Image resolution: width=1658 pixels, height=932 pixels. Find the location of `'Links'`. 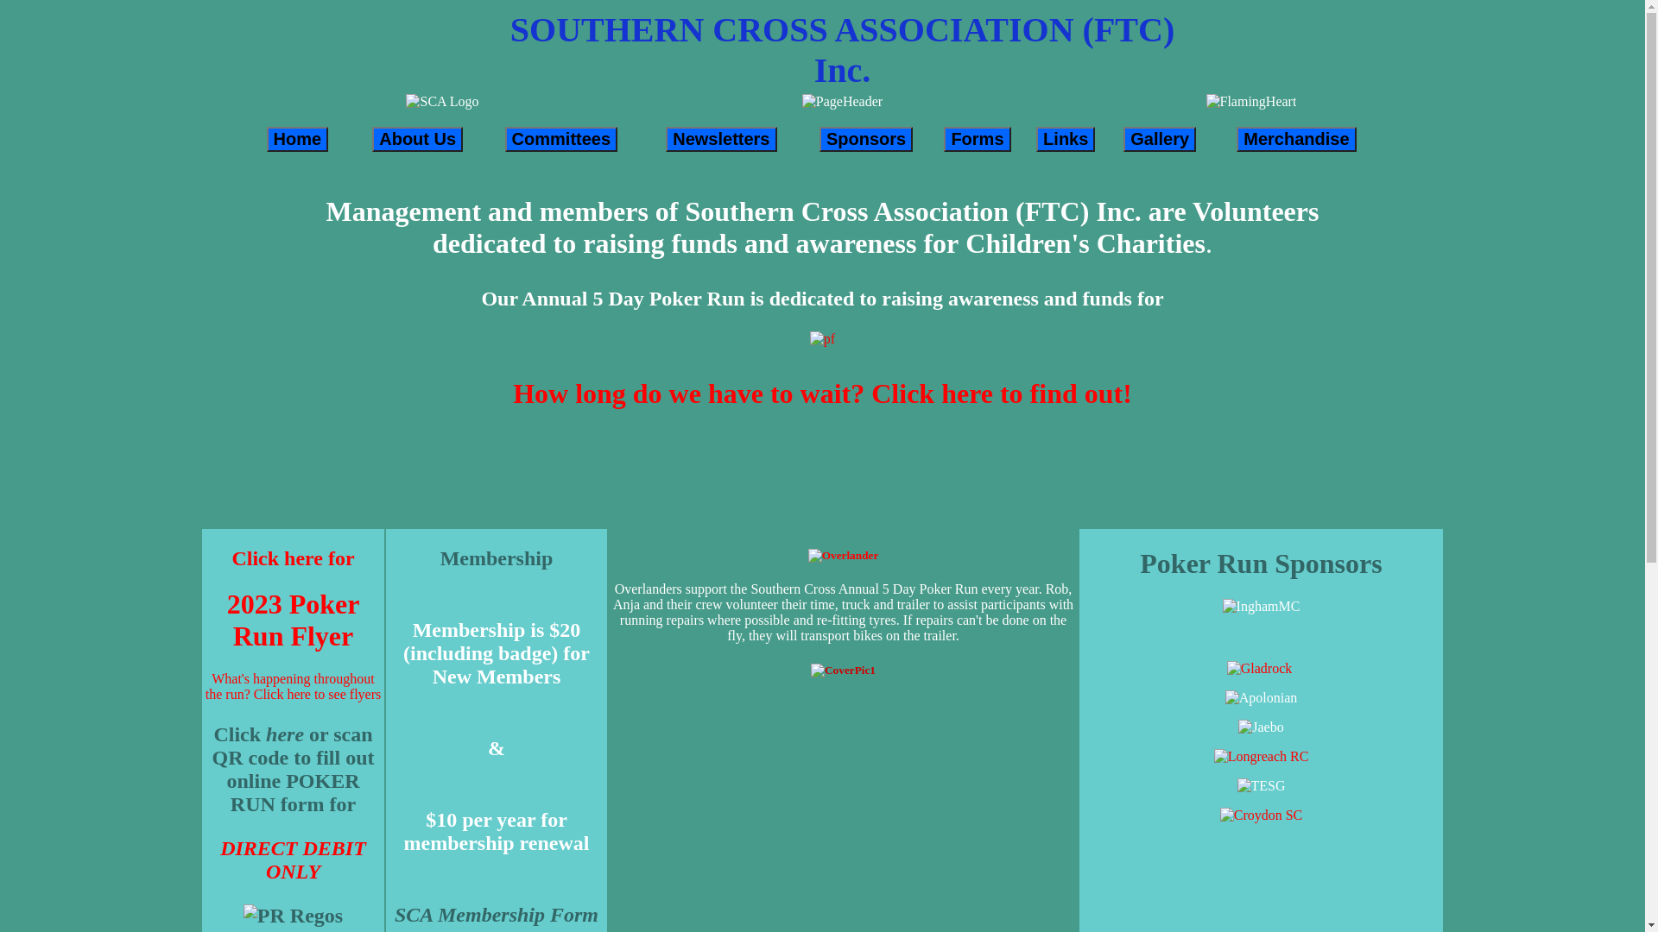

'Links' is located at coordinates (1064, 137).